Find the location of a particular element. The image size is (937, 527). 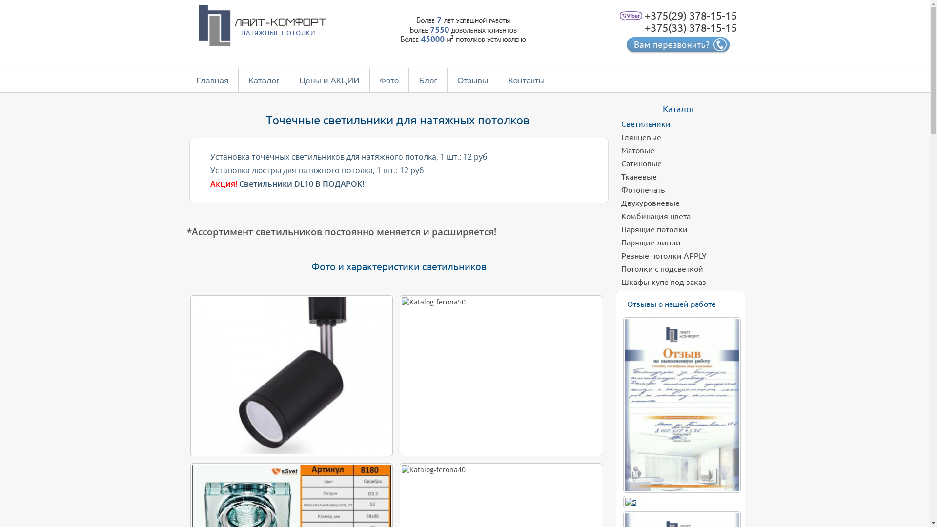

'Katalog-ferona50' is located at coordinates (500, 375).